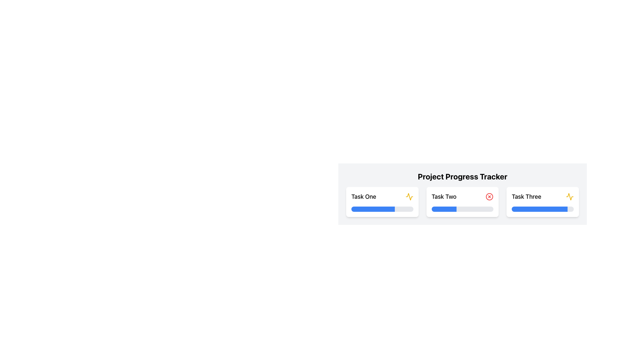 Image resolution: width=627 pixels, height=353 pixels. I want to click on the error icon located on the right side of the 'Task Two' card in the 'Project Progress Tracker' section, so click(490, 196).